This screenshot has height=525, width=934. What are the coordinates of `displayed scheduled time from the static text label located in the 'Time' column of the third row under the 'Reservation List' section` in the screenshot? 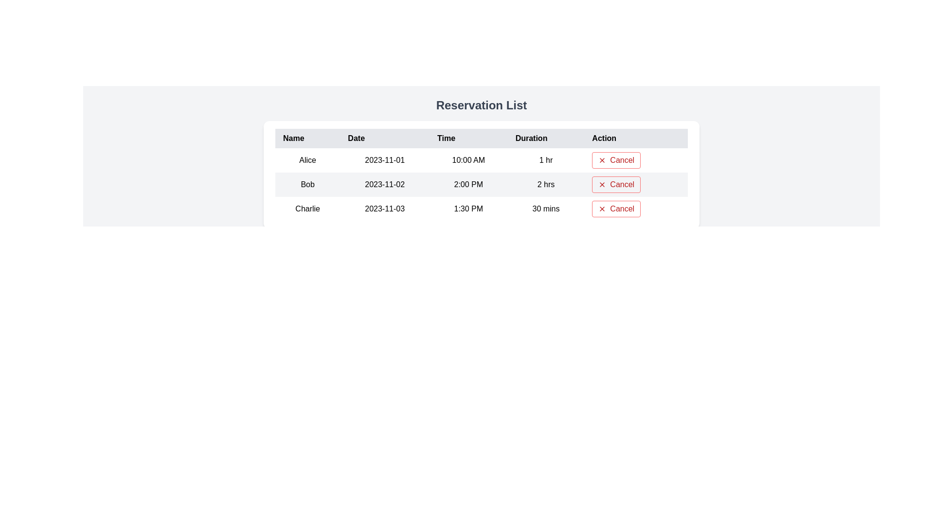 It's located at (468, 208).